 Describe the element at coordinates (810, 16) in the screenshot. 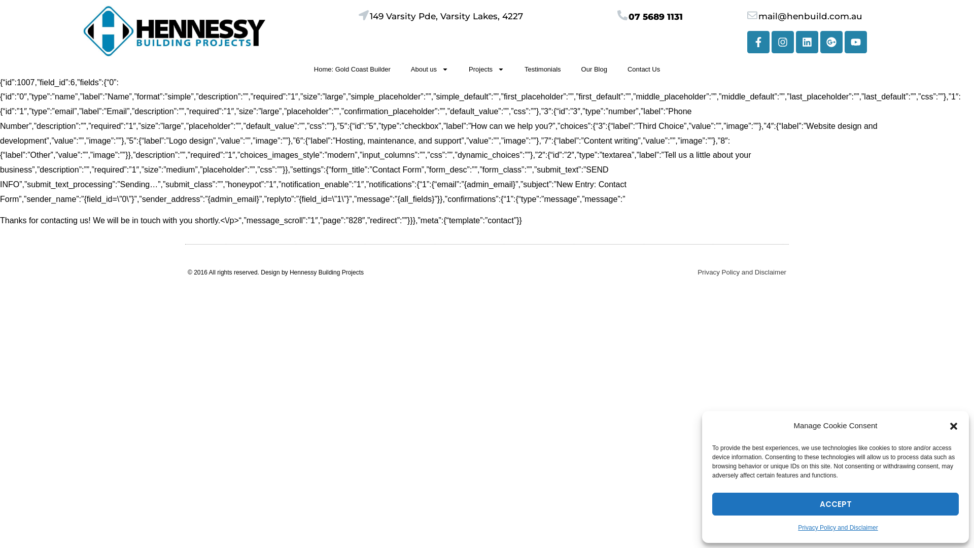

I see `'mail@henbuild.com.au'` at that location.